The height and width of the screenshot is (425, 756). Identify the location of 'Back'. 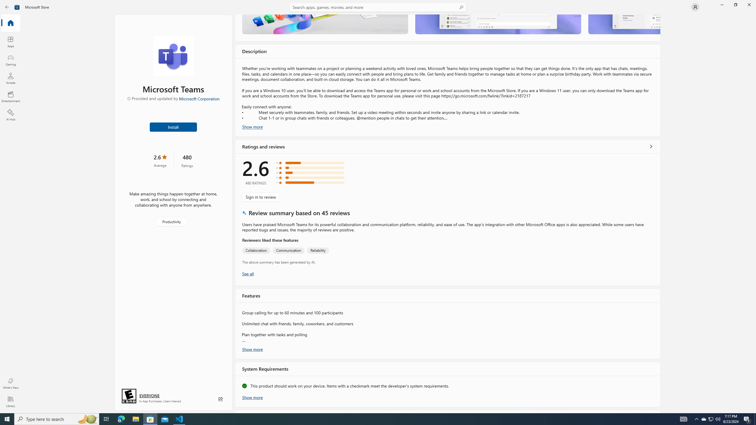
(7, 6).